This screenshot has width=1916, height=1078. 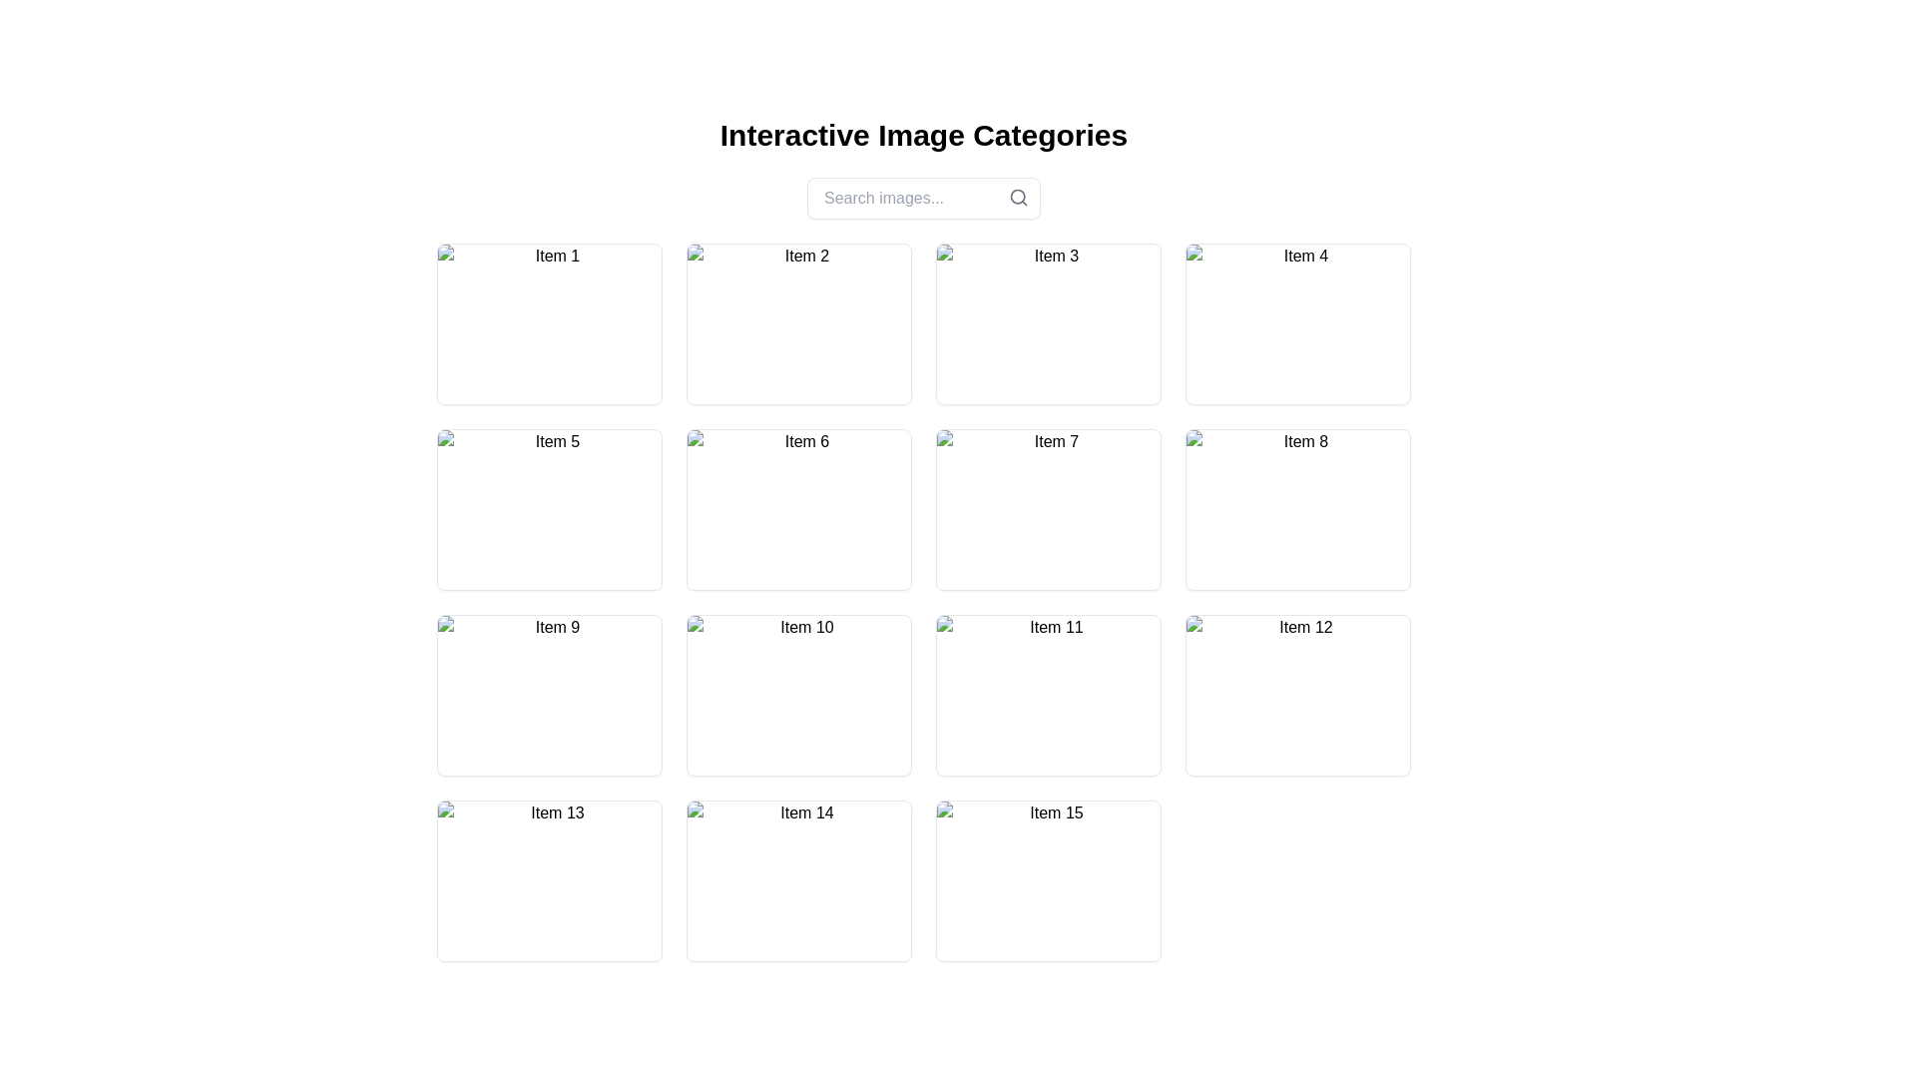 What do you see at coordinates (550, 880) in the screenshot?
I see `the Card component labeled 'Item 13', which is the first card in the last row of a grid layout` at bounding box center [550, 880].